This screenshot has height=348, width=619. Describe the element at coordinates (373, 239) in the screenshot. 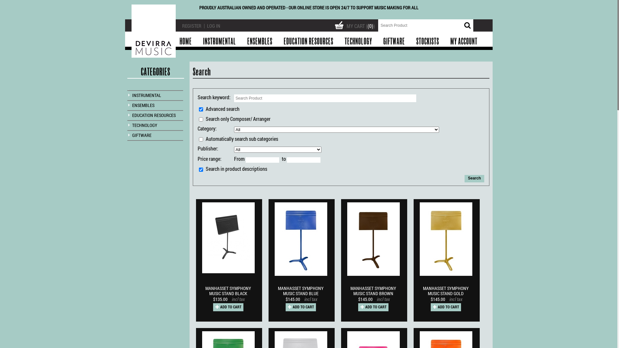

I see `'Show details for Manhasset Symphony Music Stand Brown'` at that location.